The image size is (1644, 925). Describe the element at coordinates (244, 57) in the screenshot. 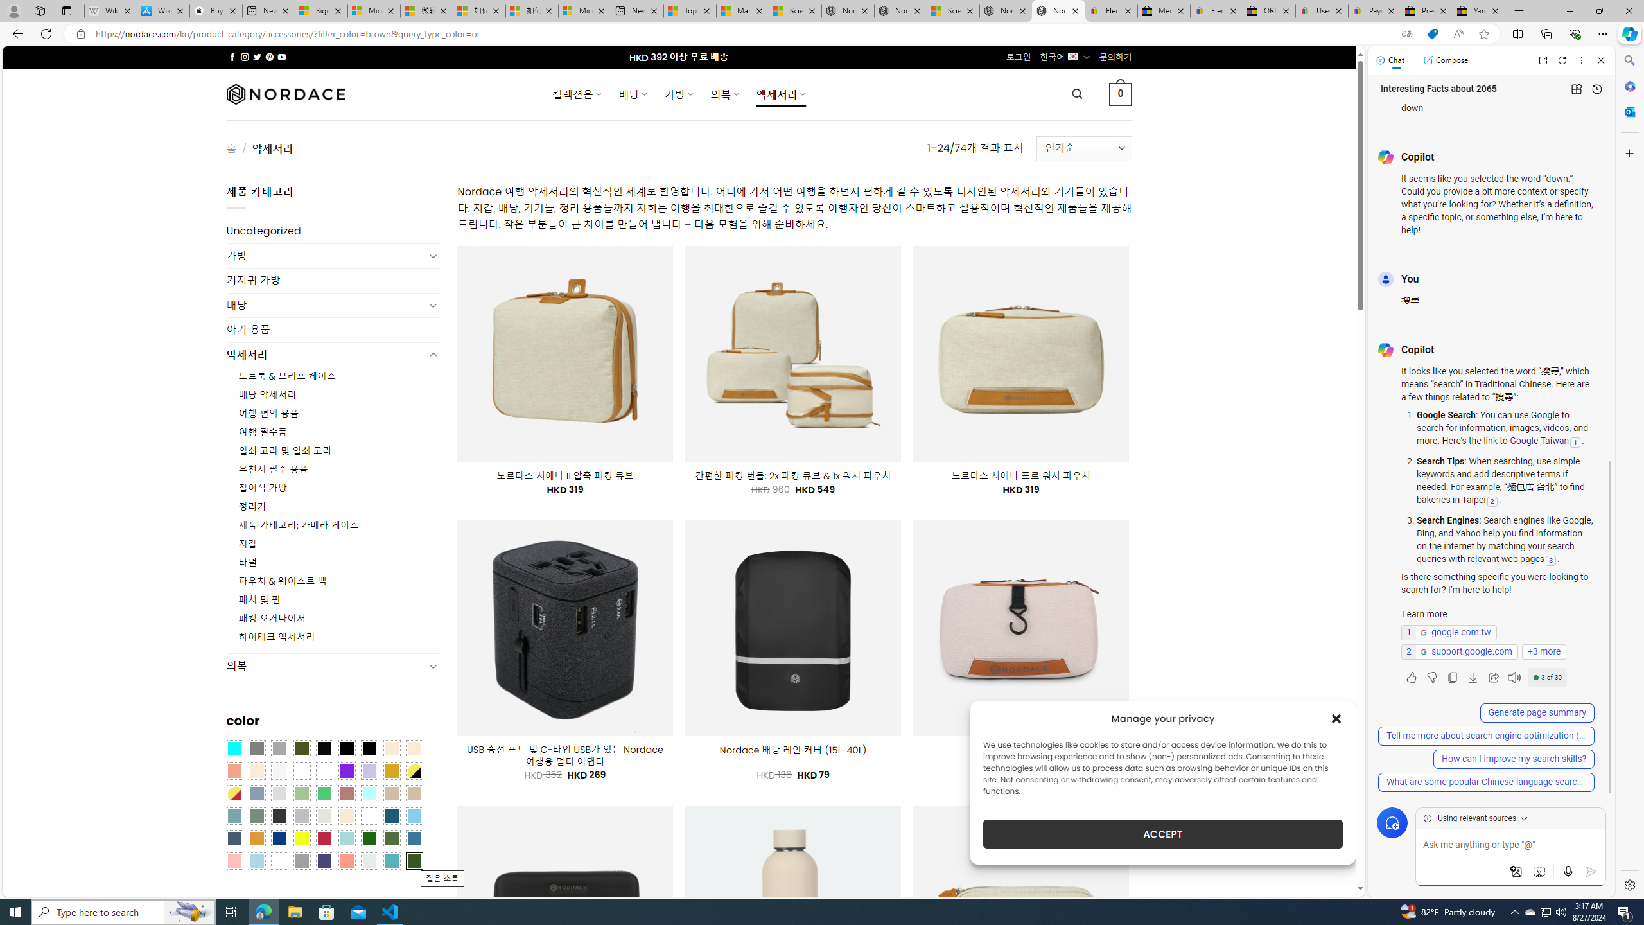

I see `'Follow on Instagram'` at that location.